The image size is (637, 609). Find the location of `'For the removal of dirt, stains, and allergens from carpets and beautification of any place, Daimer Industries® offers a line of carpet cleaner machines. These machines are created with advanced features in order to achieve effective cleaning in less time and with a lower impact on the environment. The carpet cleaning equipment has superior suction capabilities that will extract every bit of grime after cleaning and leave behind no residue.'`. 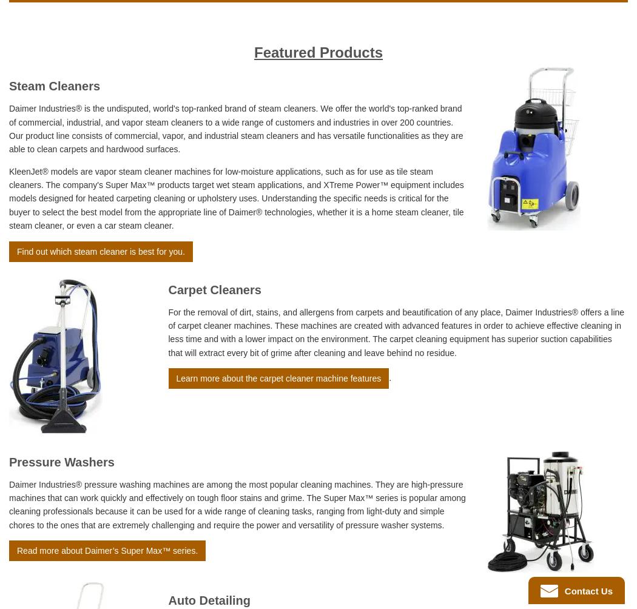

'For the removal of dirt, stains, and allergens from carpets and beautification of any place, Daimer Industries® offers a line of carpet cleaner machines. These machines are created with advanced features in order to achieve effective cleaning in less time and with a lower impact on the environment. The carpet cleaning equipment has superior suction capabilities that will extract every bit of grime after cleaning and leave behind no residue.' is located at coordinates (395, 332).